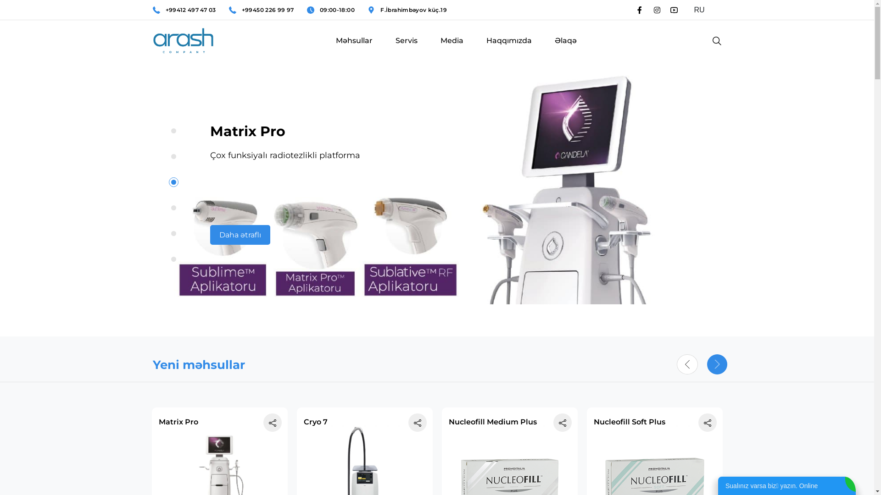 Image resolution: width=881 pixels, height=495 pixels. What do you see at coordinates (173, 156) in the screenshot?
I see `'2'` at bounding box center [173, 156].